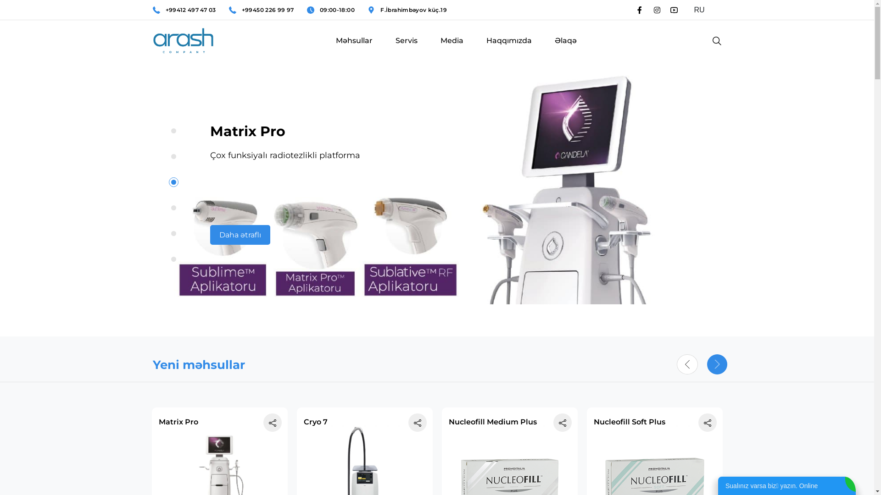 Image resolution: width=881 pixels, height=495 pixels. What do you see at coordinates (173, 156) in the screenshot?
I see `'2'` at bounding box center [173, 156].